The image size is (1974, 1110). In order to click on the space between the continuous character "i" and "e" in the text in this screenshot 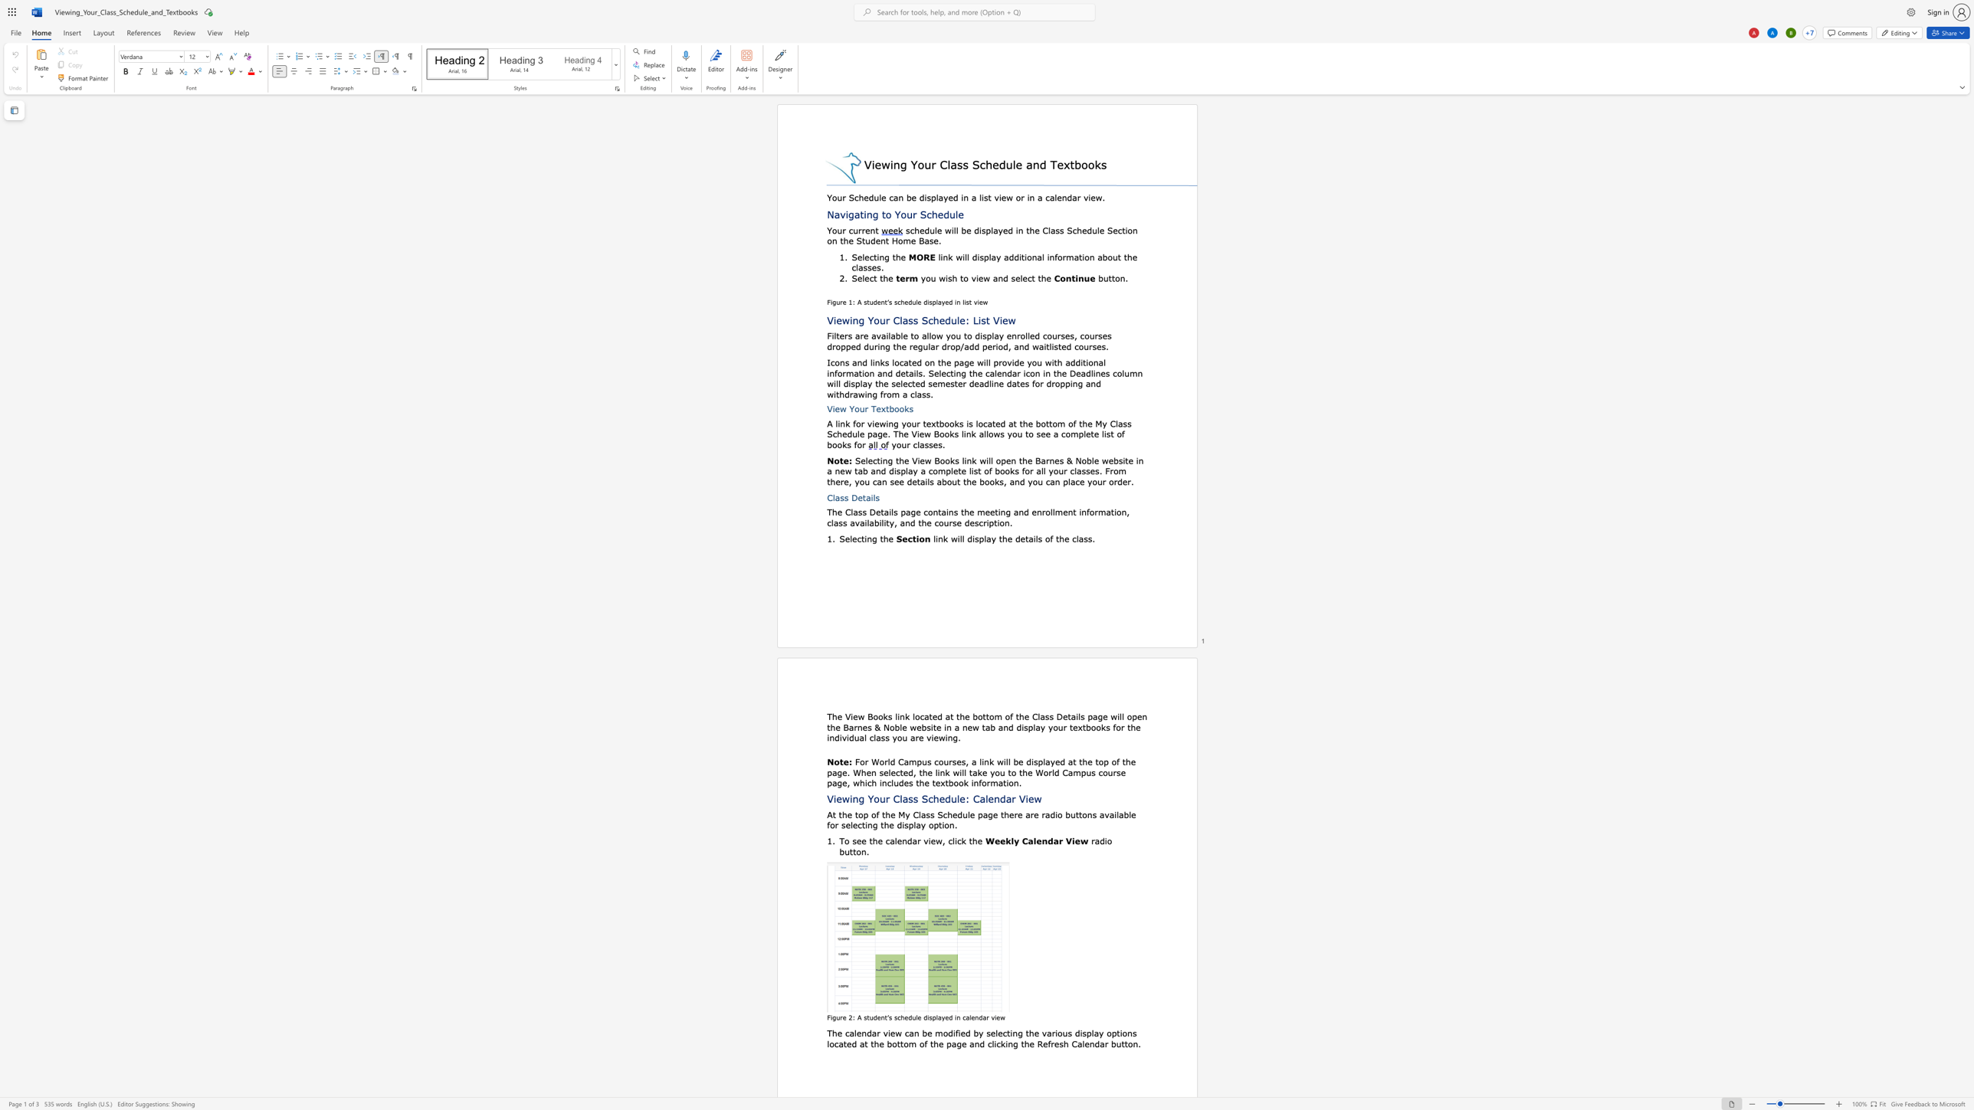, I will do `click(1075, 840)`.